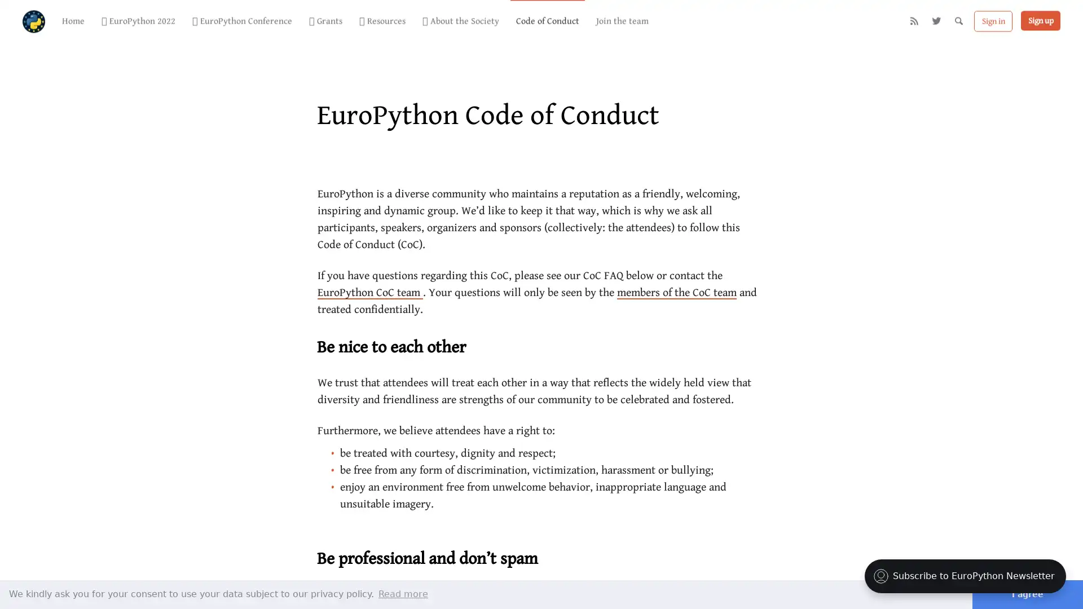 The width and height of the screenshot is (1083, 609). Describe the element at coordinates (993, 22) in the screenshot. I see `Sign in` at that location.